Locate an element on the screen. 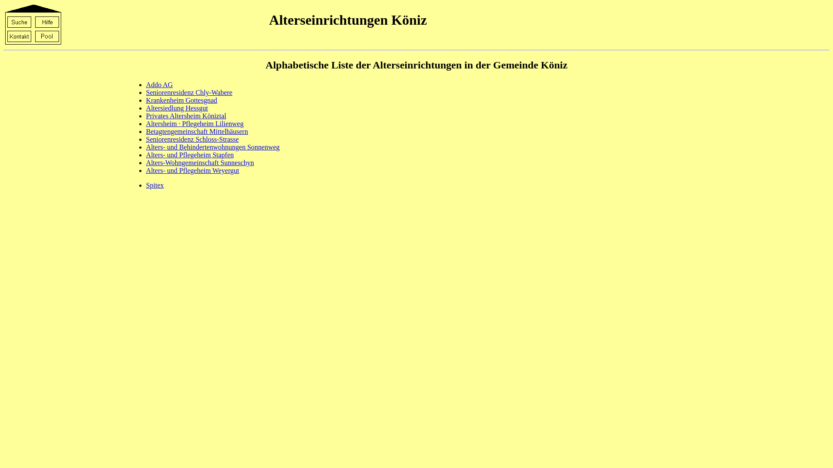 Image resolution: width=833 pixels, height=468 pixels. 'Alters-Wohngemeinschaft Sunneschyn' is located at coordinates (200, 162).